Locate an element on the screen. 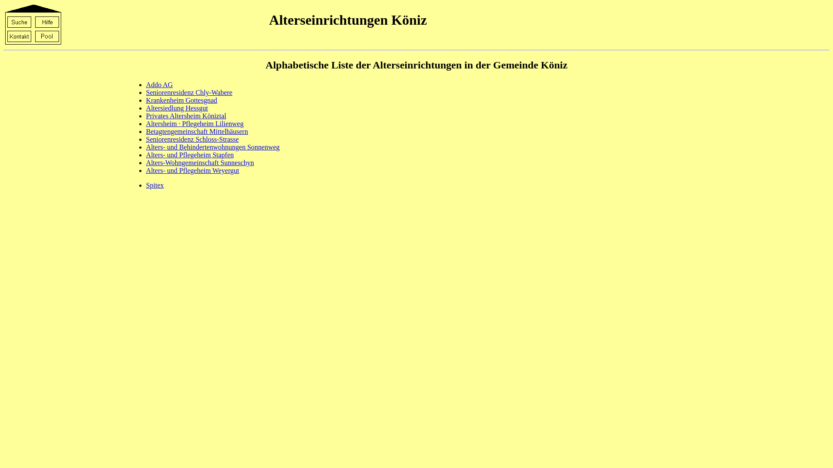 Image resolution: width=833 pixels, height=468 pixels. 'Alters-Wohngemeinschaft Sunneschyn' is located at coordinates (200, 162).